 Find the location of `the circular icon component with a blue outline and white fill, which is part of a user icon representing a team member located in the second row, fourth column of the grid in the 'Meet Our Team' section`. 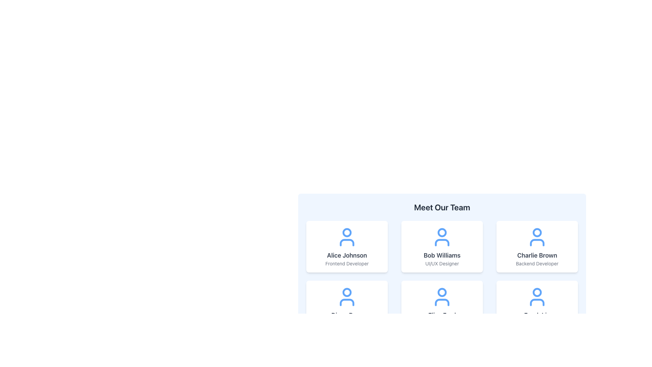

the circular icon component with a blue outline and white fill, which is part of a user icon representing a team member located in the second row, fourth column of the grid in the 'Meet Our Team' section is located at coordinates (442, 292).